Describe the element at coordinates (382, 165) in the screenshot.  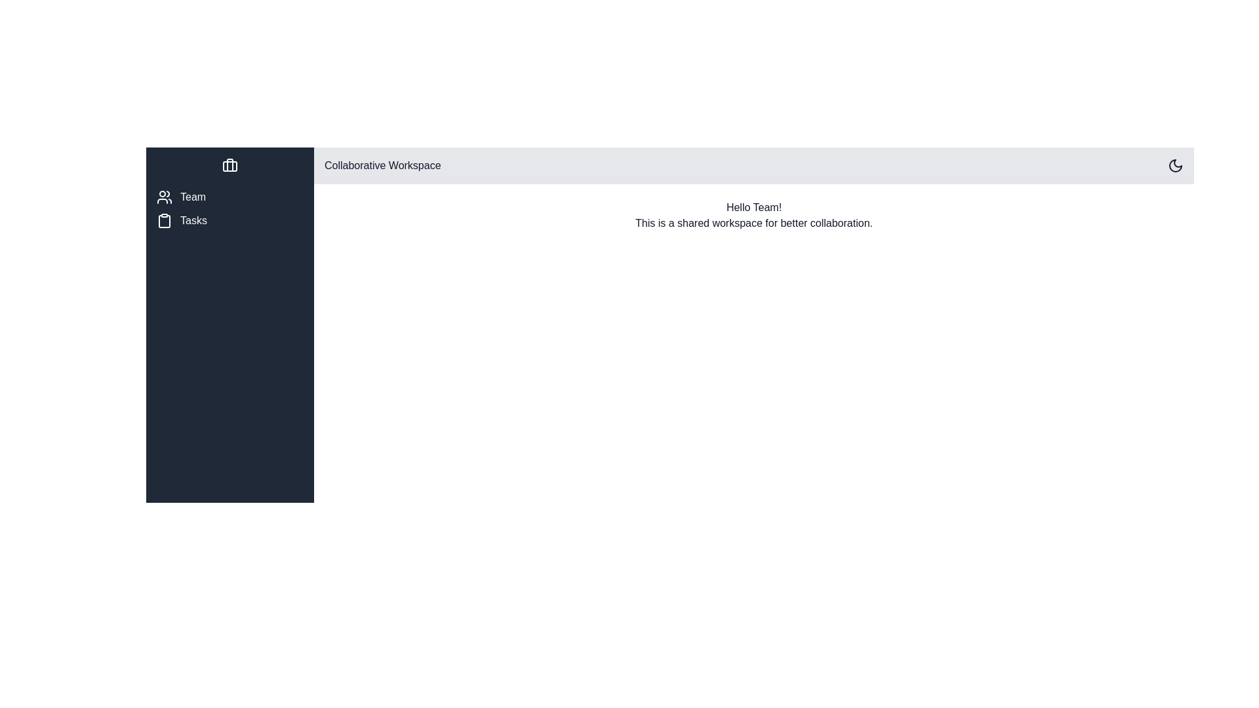
I see `text displayed in the 'Collaborative Workspace' text label, which is in a bold sans-serif font with a gray background and black text, located in the left portion of the header bar` at that location.